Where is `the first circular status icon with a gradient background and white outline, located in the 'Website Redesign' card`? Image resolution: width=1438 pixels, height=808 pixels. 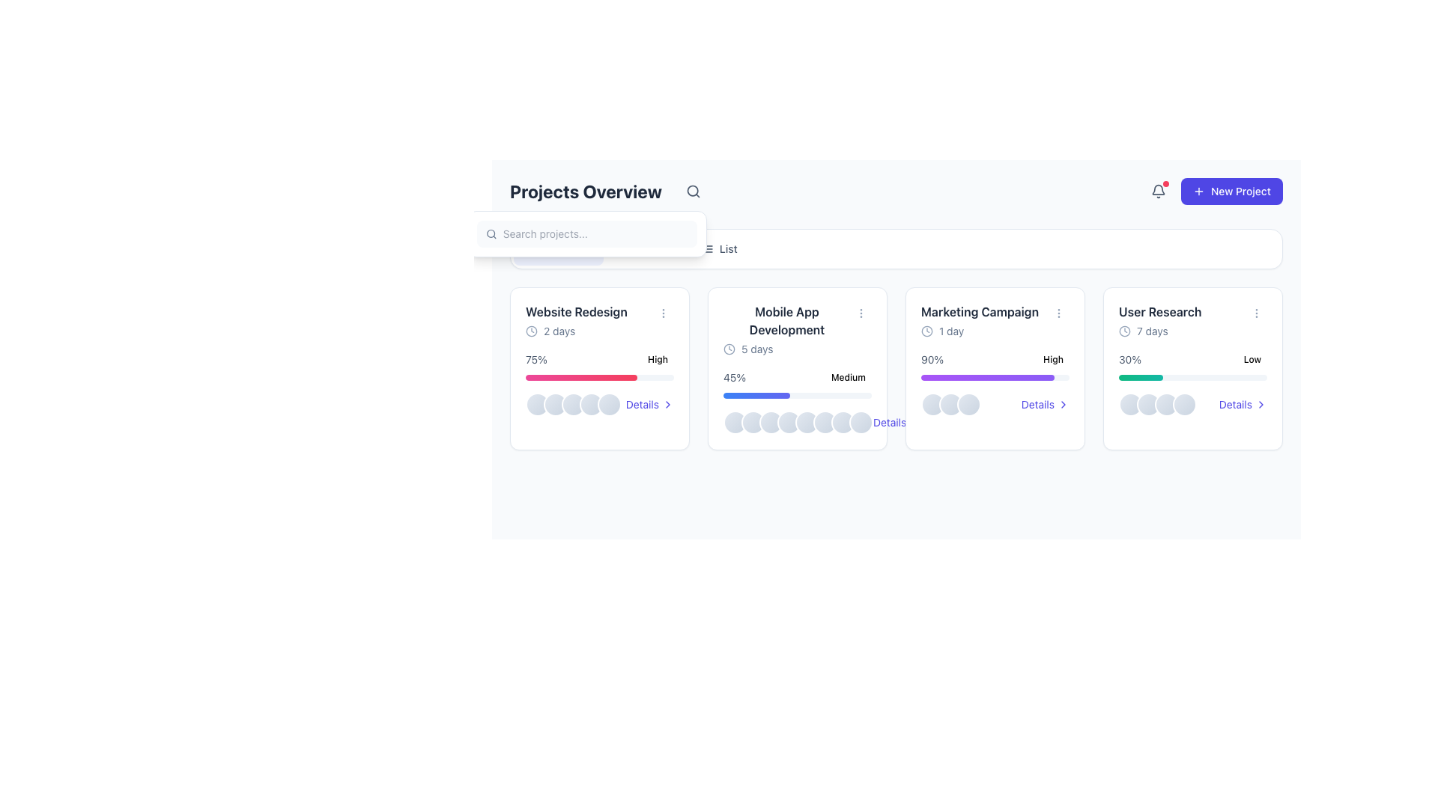
the first circular status icon with a gradient background and white outline, located in the 'Website Redesign' card is located at coordinates (538, 404).